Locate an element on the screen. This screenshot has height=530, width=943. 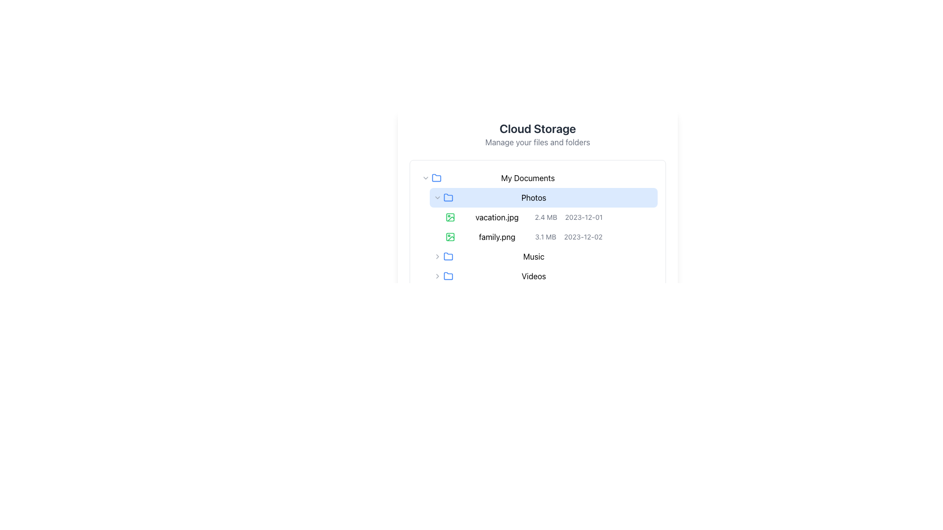
the text label representing the second file name in the 'Photos' folder is located at coordinates (497, 237).